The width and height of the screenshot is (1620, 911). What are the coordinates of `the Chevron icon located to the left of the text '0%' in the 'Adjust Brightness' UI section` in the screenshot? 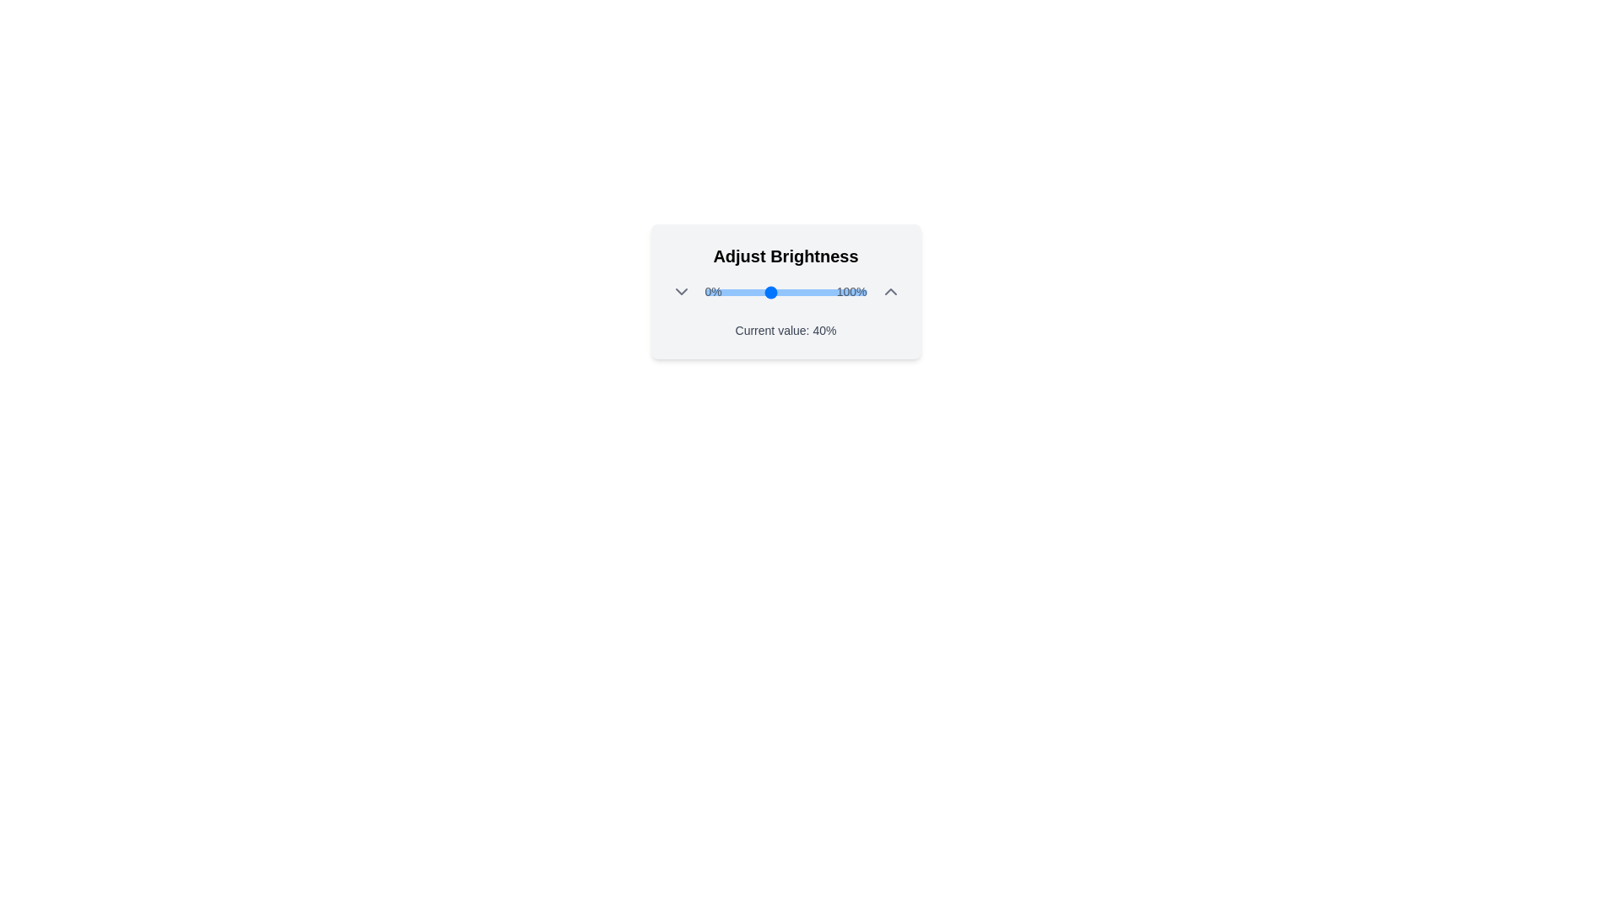 It's located at (681, 291).